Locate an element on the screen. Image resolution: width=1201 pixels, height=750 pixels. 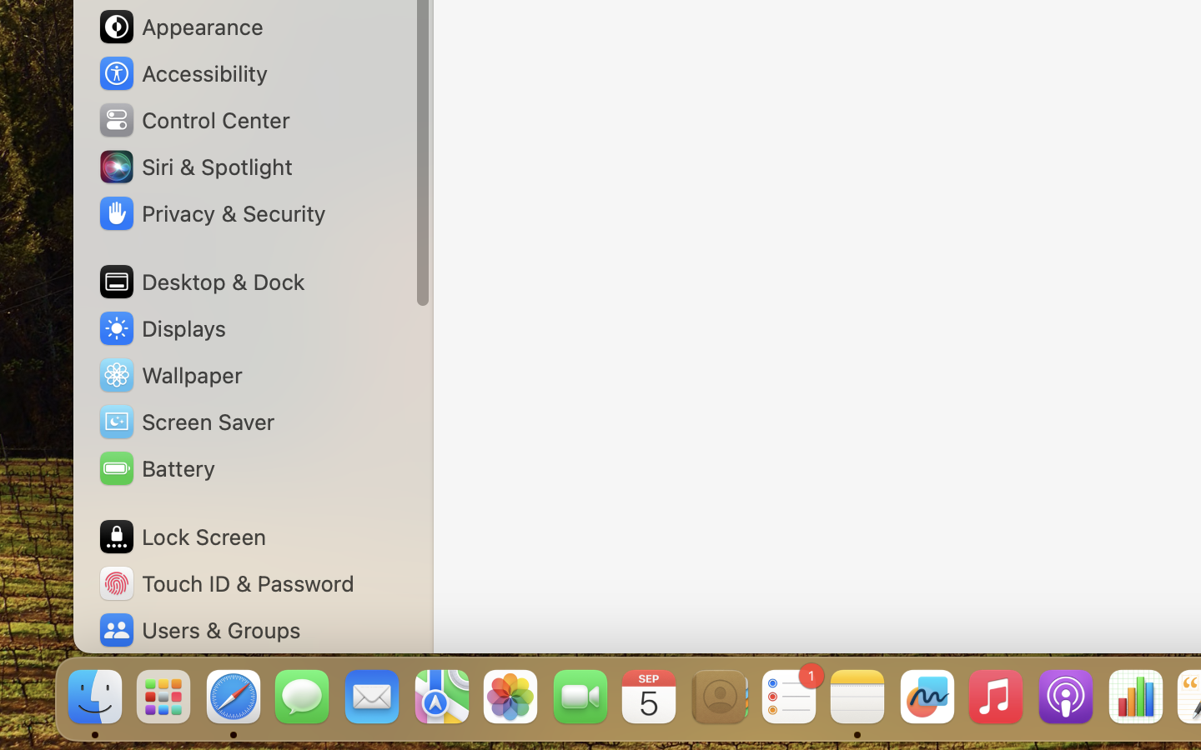
'Battery' is located at coordinates (156, 467).